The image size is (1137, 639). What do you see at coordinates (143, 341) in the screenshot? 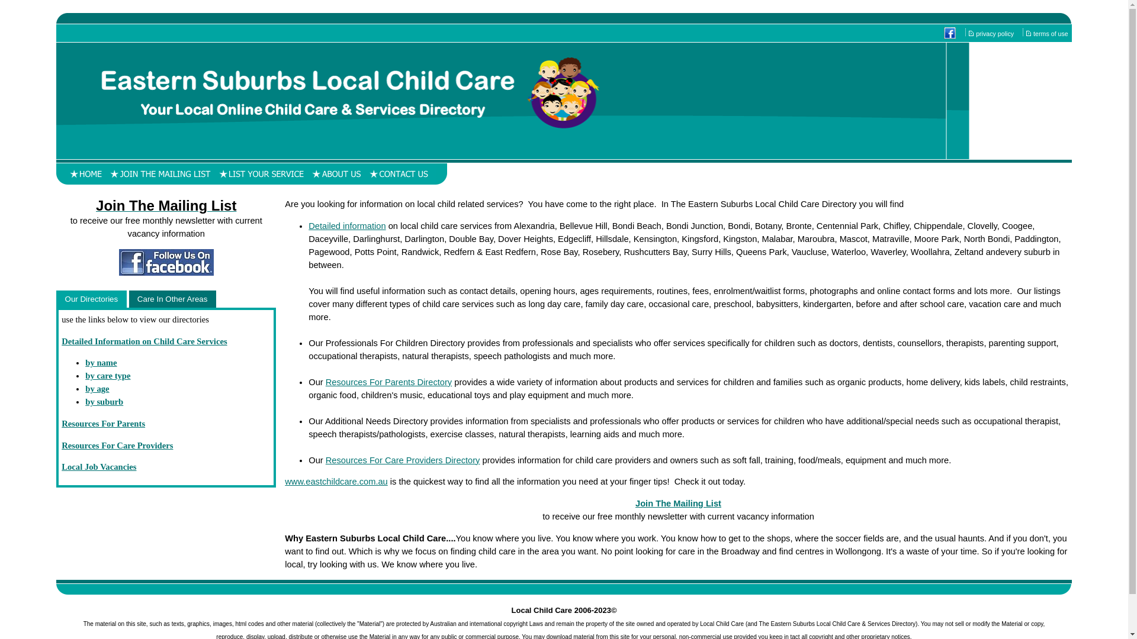
I see `'Detailed Information on Child Care Services'` at bounding box center [143, 341].